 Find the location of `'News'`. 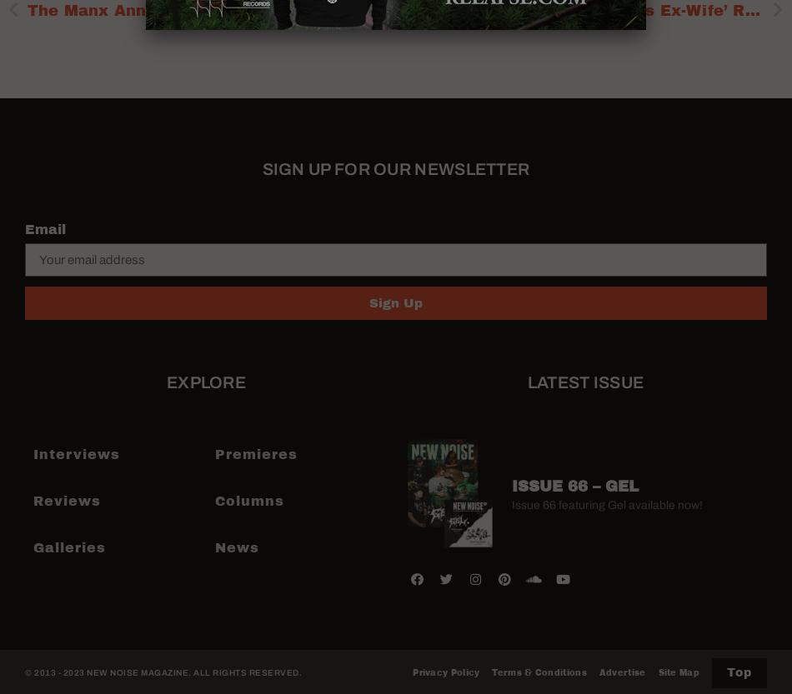

'News' is located at coordinates (235, 547).